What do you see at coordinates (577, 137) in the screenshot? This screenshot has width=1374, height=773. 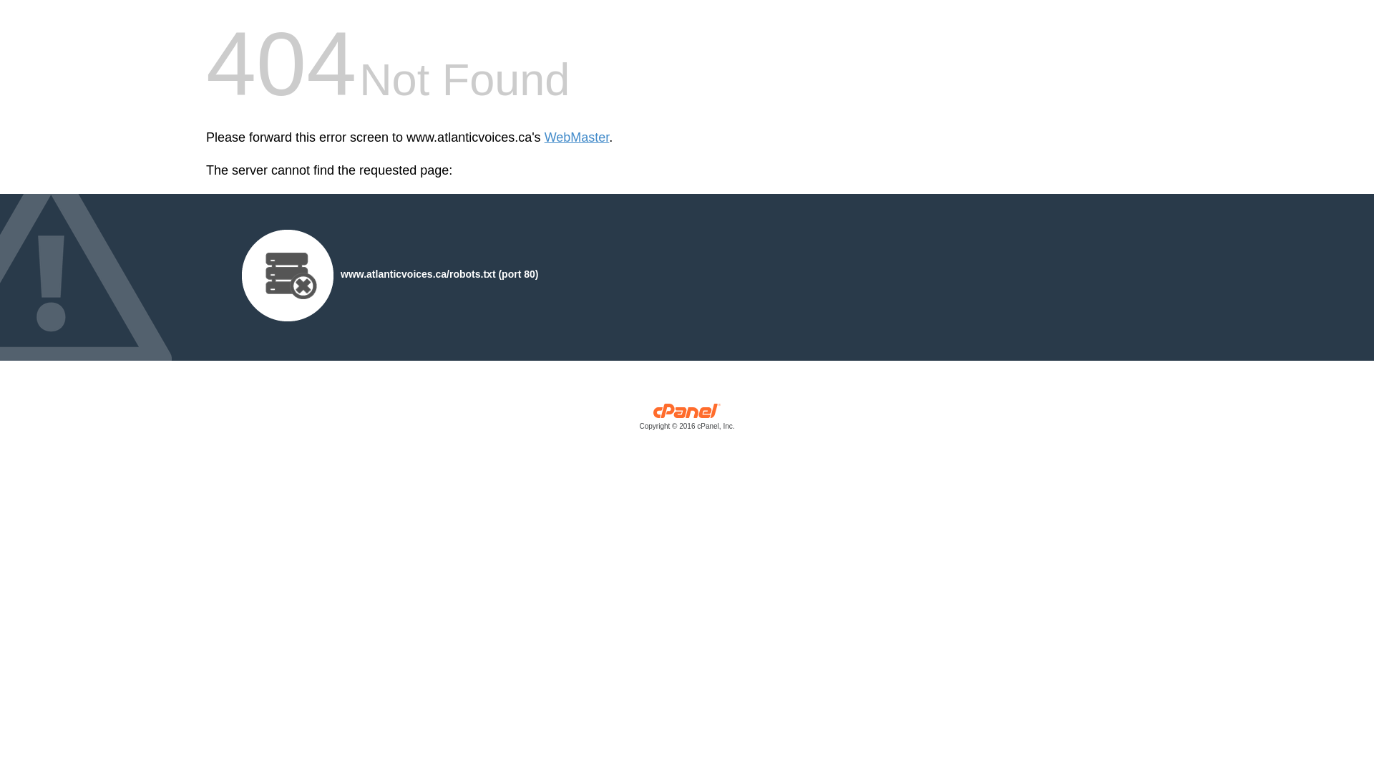 I see `'WebMaster'` at bounding box center [577, 137].